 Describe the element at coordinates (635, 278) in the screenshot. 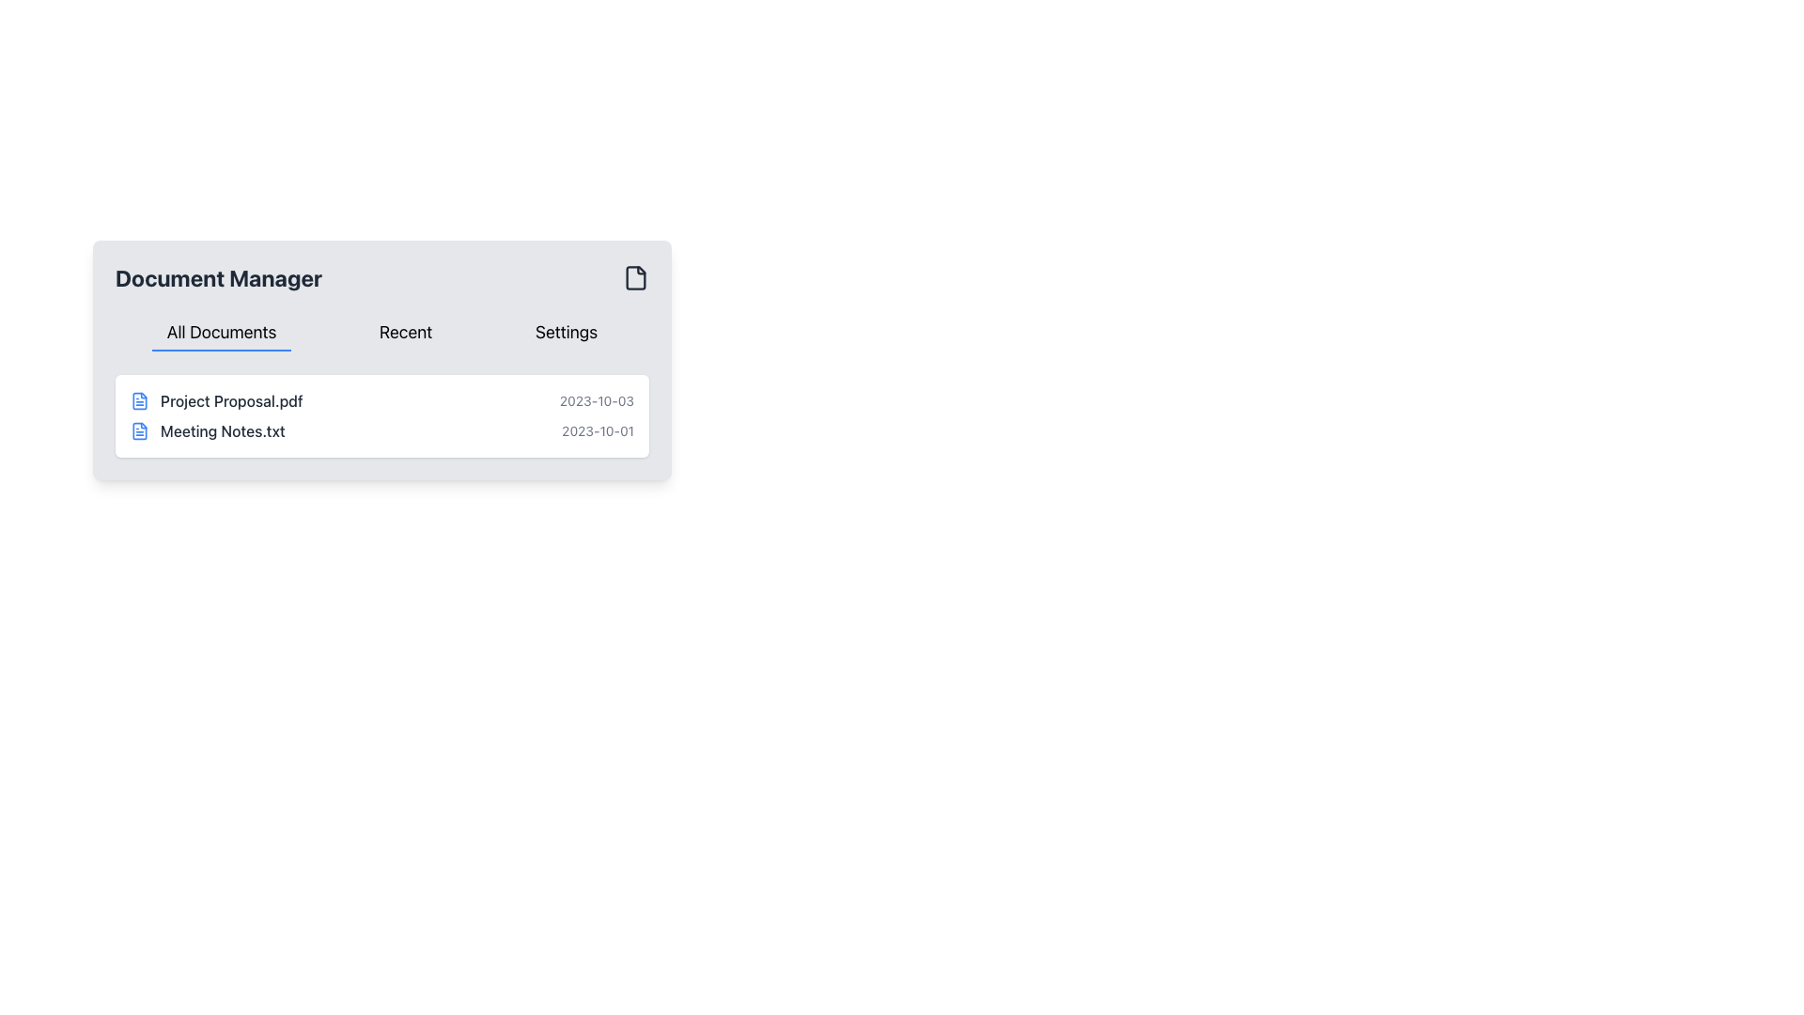

I see `the icon resembling a sheet of paper with a folded corner, located at the top-right corner of the 'Document Manager' section` at that location.